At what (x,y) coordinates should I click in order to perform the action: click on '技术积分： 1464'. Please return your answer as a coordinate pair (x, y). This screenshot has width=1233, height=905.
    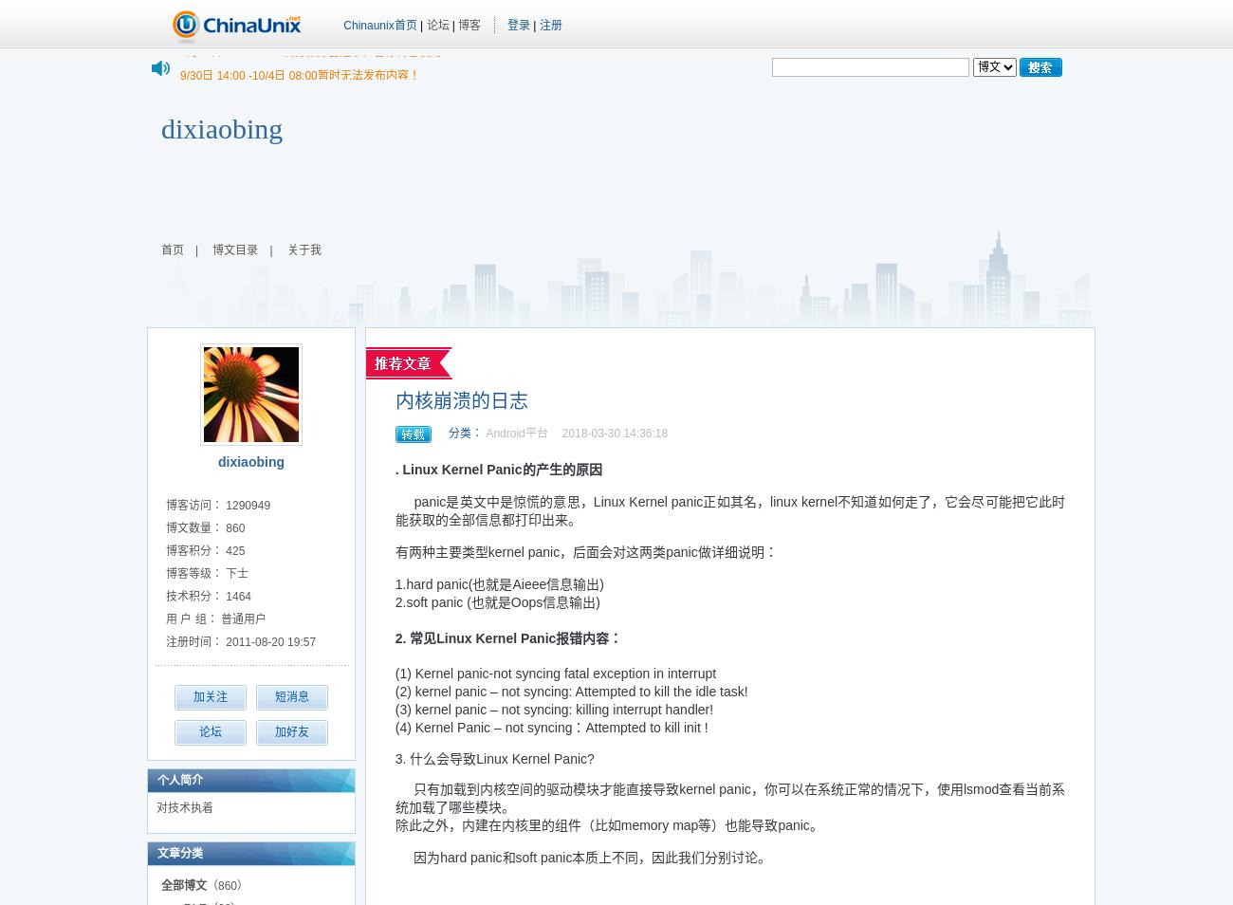
    Looking at the image, I should click on (207, 595).